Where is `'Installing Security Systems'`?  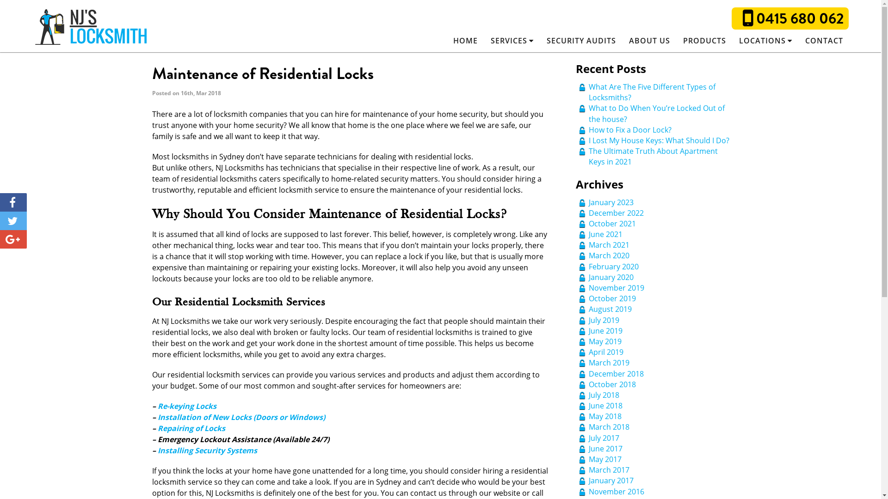 'Installing Security Systems' is located at coordinates (206, 450).